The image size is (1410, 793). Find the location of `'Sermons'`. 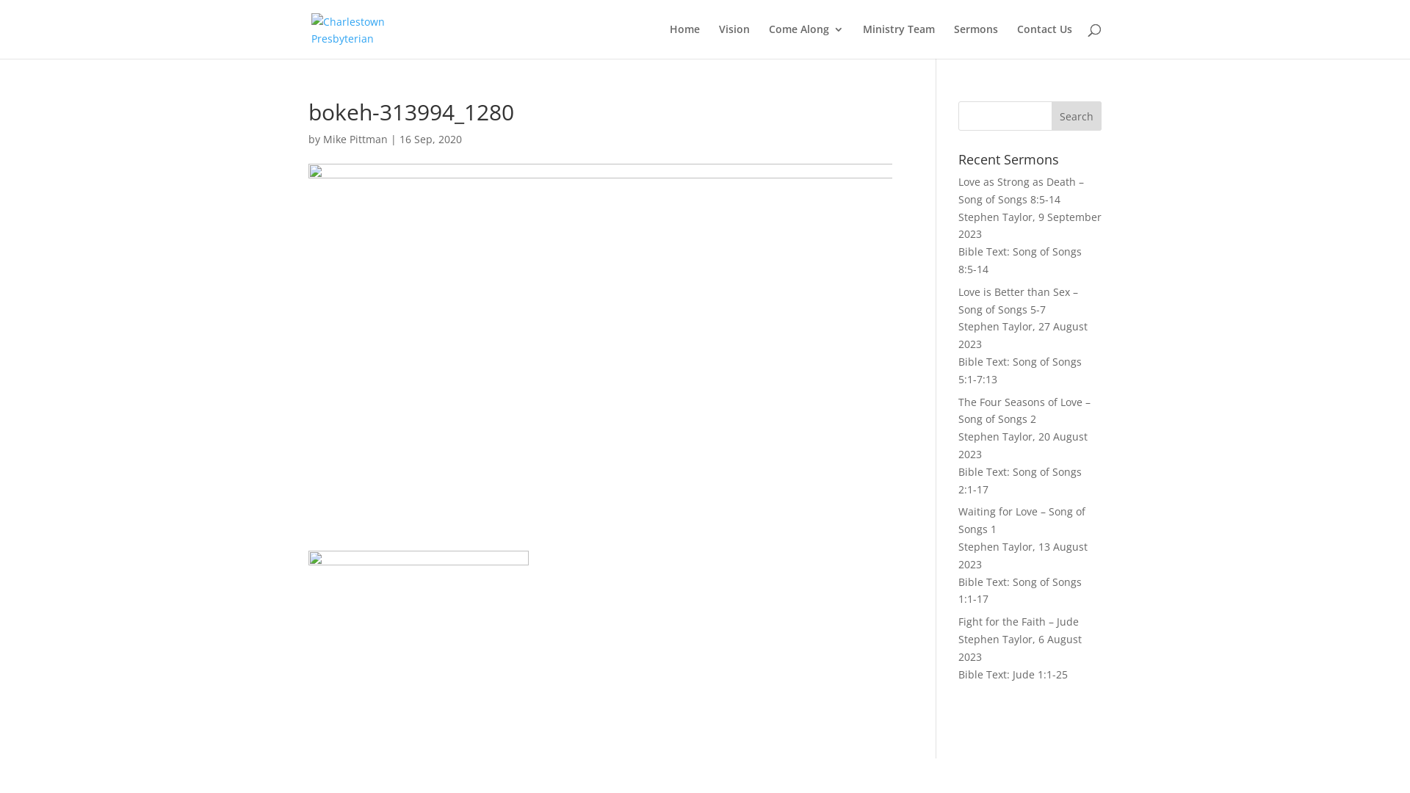

'Sermons' is located at coordinates (976, 40).